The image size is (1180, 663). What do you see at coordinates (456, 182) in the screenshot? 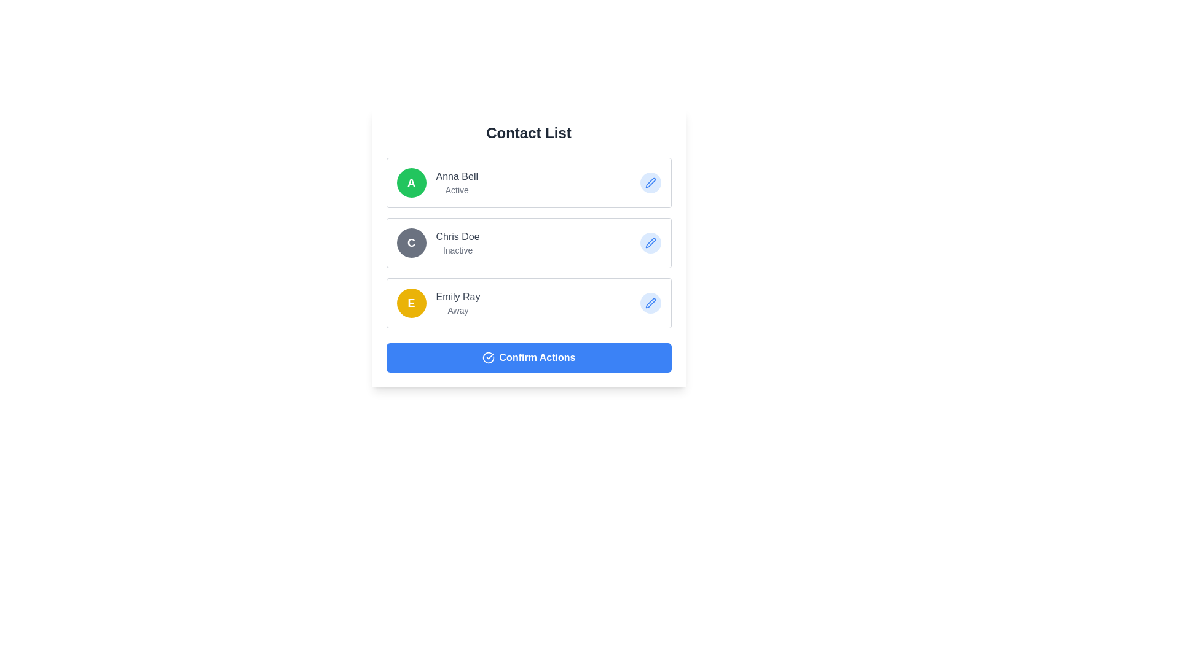
I see `the text display block that shows the name and activity status of the first contact in the contact list, which is located to the right of a circular icon with the letter 'A'` at bounding box center [456, 182].